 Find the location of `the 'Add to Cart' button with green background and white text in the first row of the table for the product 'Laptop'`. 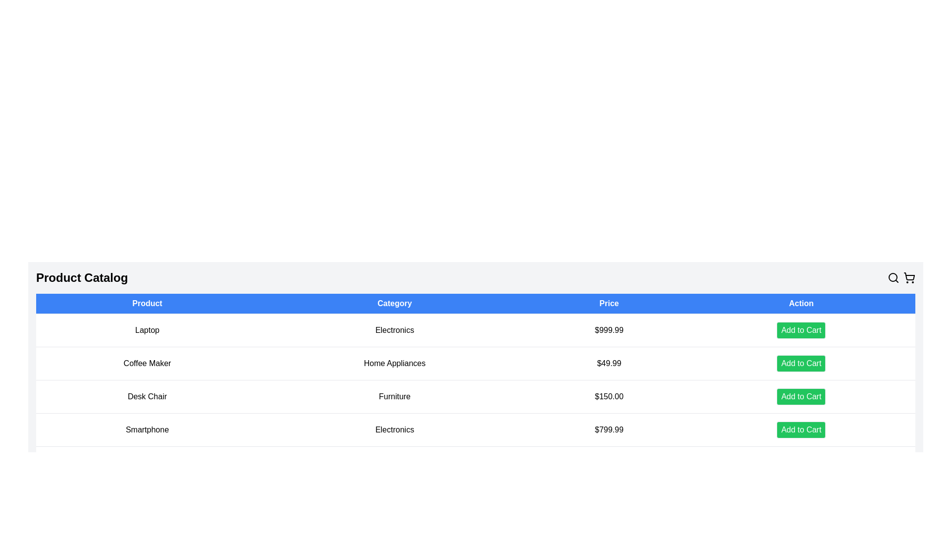

the 'Add to Cart' button with green background and white text in the first row of the table for the product 'Laptop' is located at coordinates (801, 330).